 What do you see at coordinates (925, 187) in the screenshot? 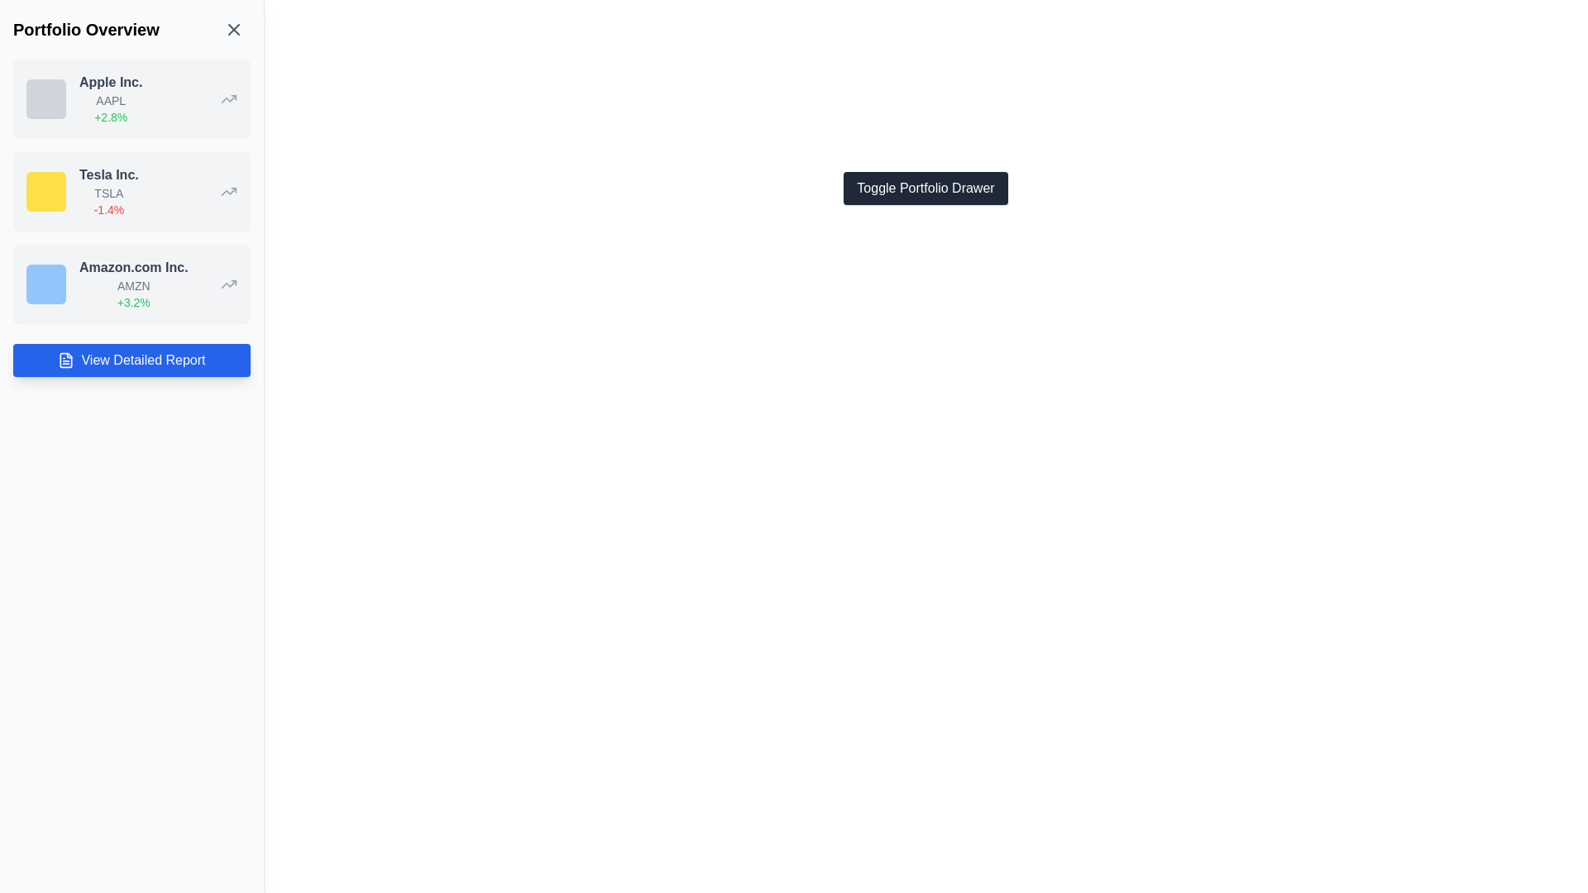
I see `the prominent toggle button located in the upper-right section of the interface to observe its hover effect` at bounding box center [925, 187].